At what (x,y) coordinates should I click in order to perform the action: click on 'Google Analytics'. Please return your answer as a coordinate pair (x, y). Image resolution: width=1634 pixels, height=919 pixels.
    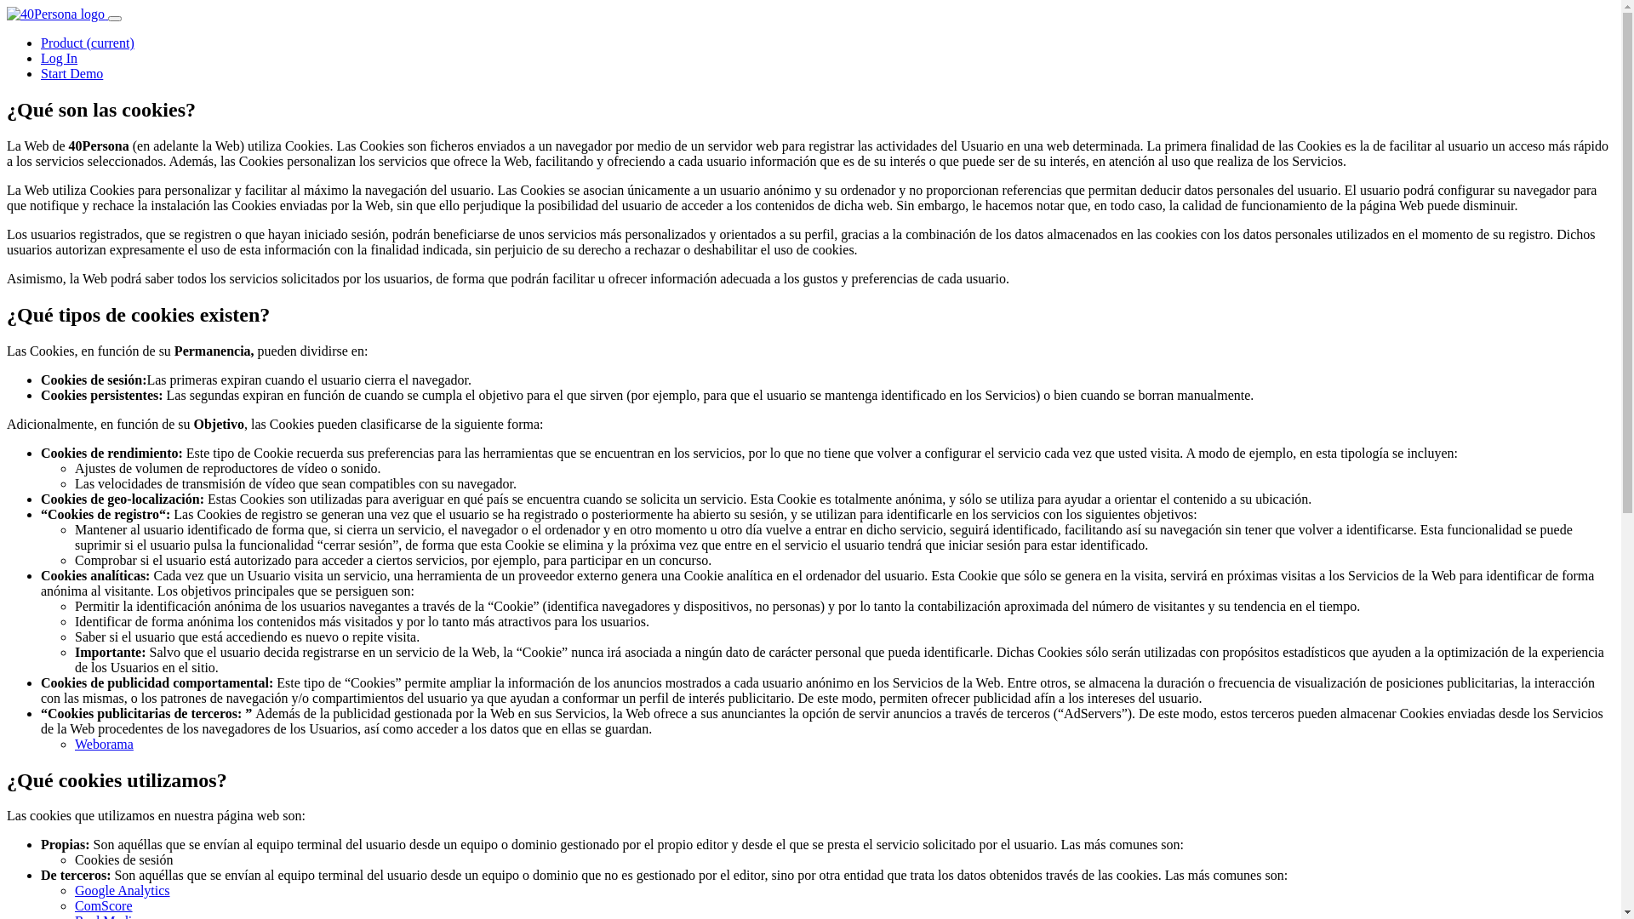
    Looking at the image, I should click on (122, 889).